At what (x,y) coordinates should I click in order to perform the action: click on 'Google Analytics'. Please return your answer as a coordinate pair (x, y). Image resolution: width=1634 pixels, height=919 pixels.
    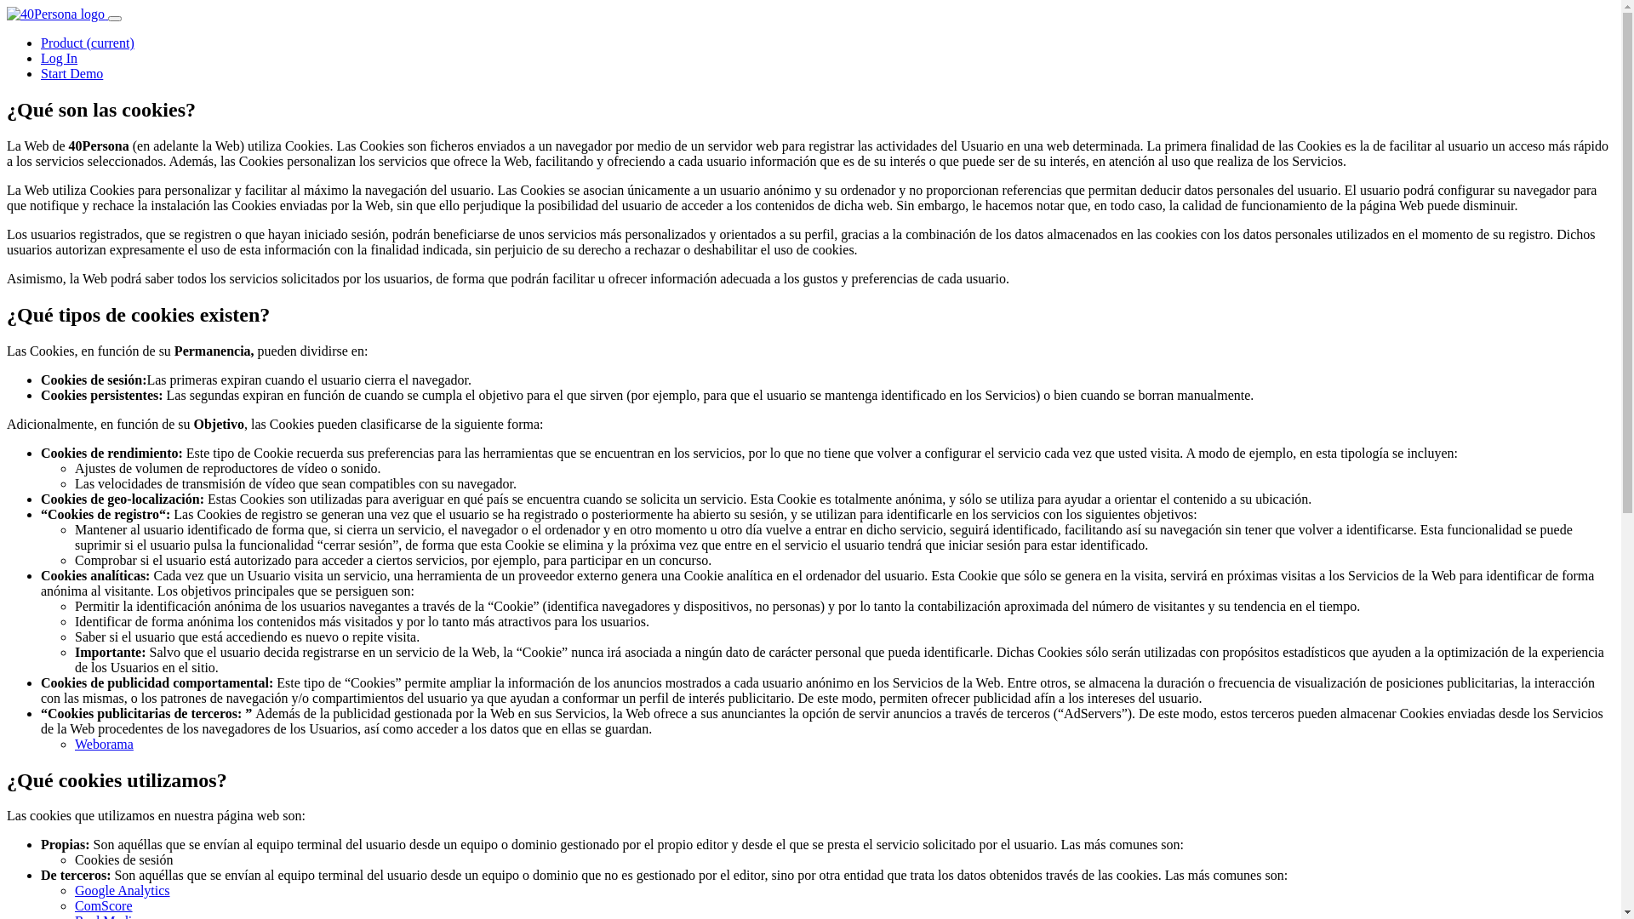
    Looking at the image, I should click on (122, 889).